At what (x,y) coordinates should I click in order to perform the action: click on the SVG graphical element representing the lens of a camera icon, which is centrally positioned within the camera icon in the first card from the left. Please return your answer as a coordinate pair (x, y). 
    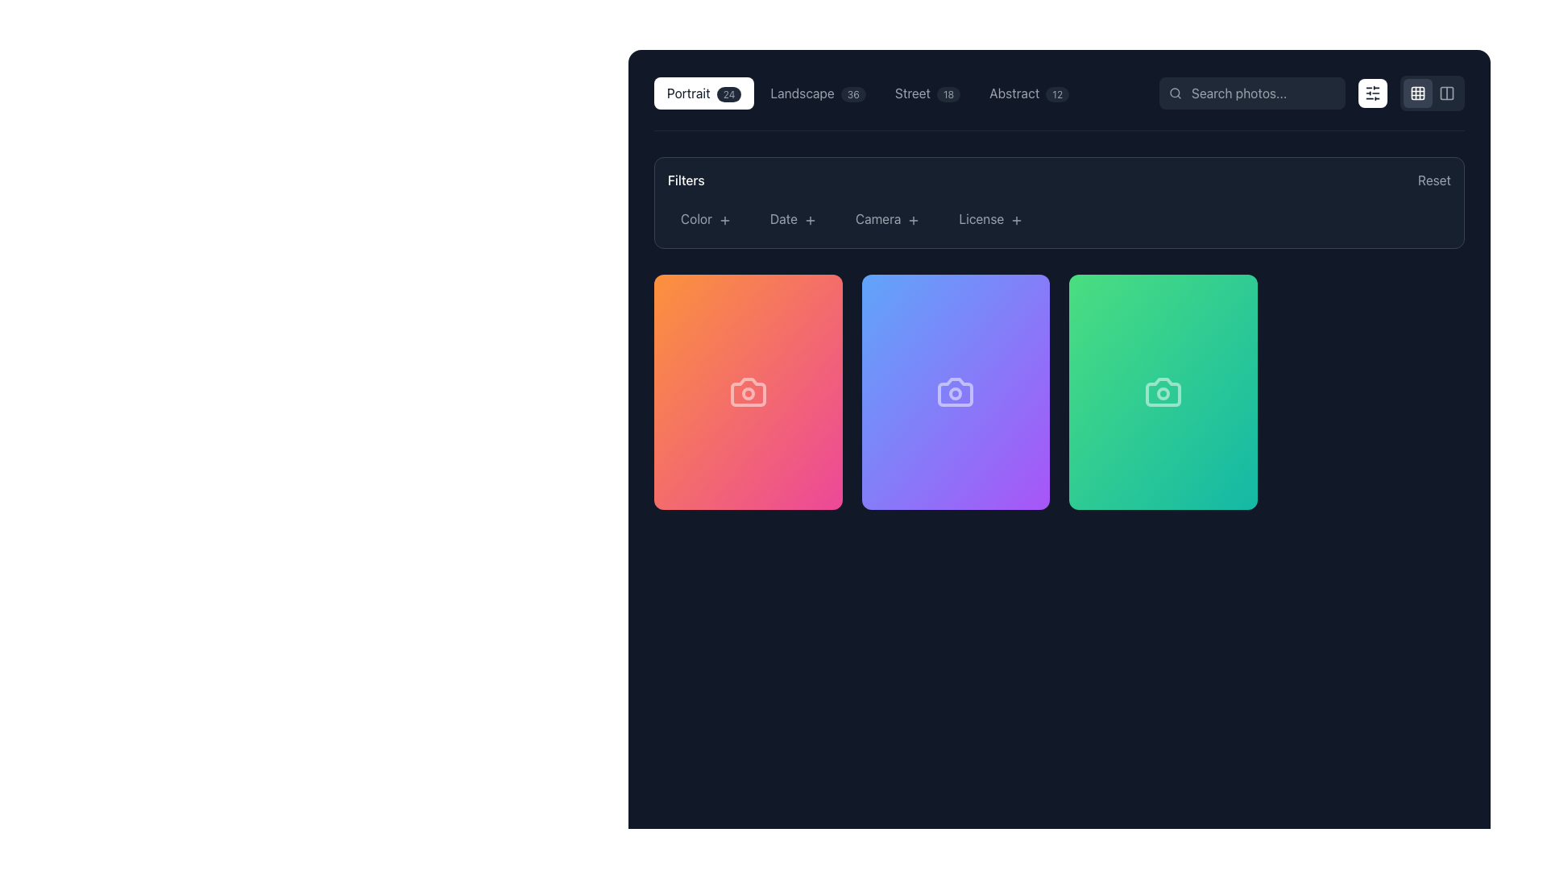
    Looking at the image, I should click on (747, 393).